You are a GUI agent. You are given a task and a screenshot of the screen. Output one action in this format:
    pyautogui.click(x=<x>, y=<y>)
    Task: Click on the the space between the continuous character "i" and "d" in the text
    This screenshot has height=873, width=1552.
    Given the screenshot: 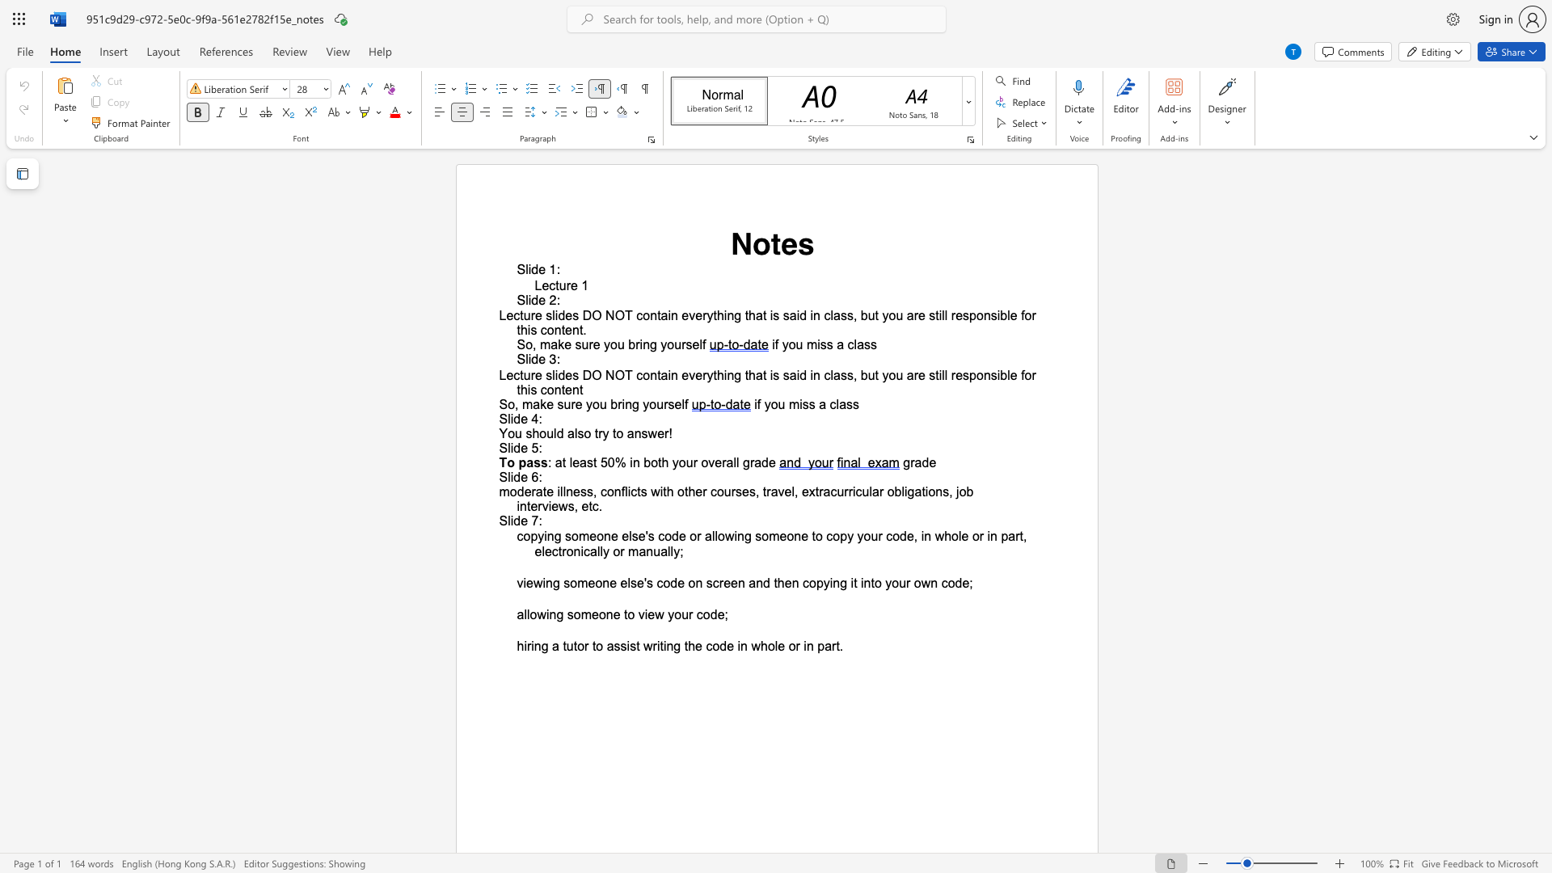 What is the action you would take?
    pyautogui.click(x=559, y=315)
    